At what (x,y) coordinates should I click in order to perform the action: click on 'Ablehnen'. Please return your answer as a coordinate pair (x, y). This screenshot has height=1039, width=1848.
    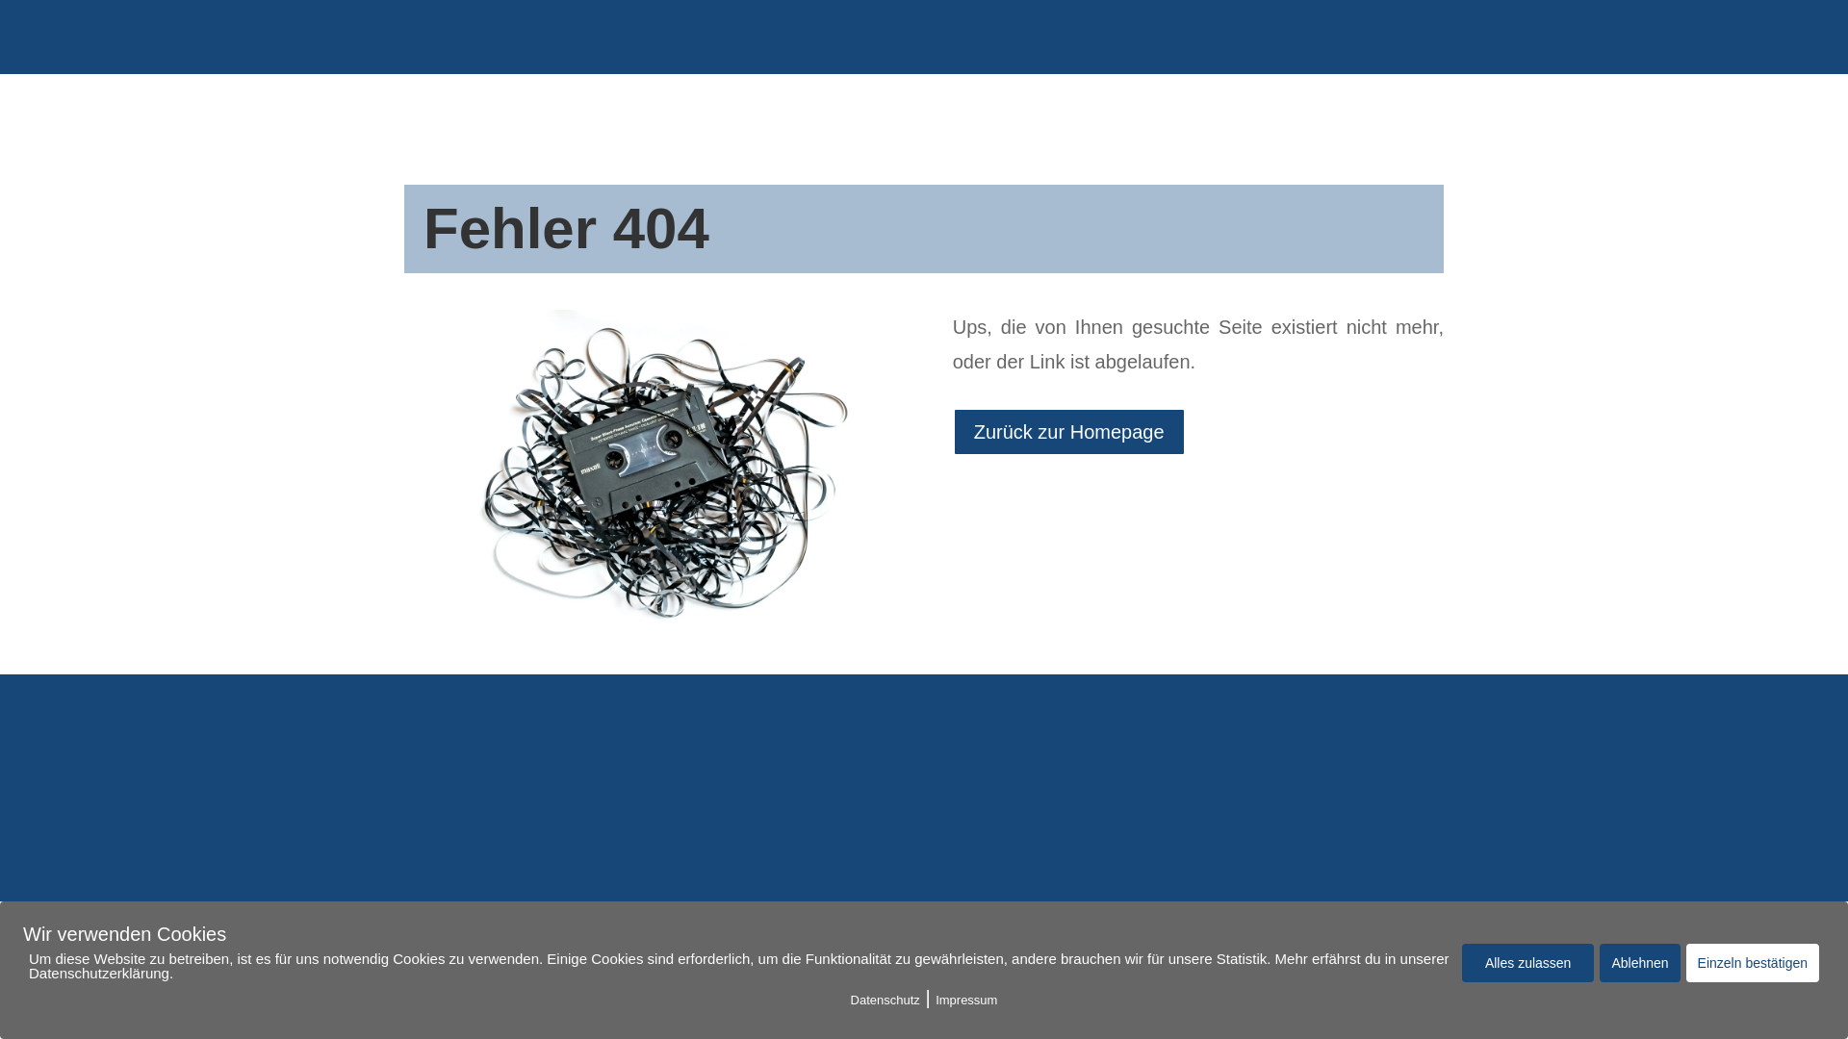
    Looking at the image, I should click on (1638, 963).